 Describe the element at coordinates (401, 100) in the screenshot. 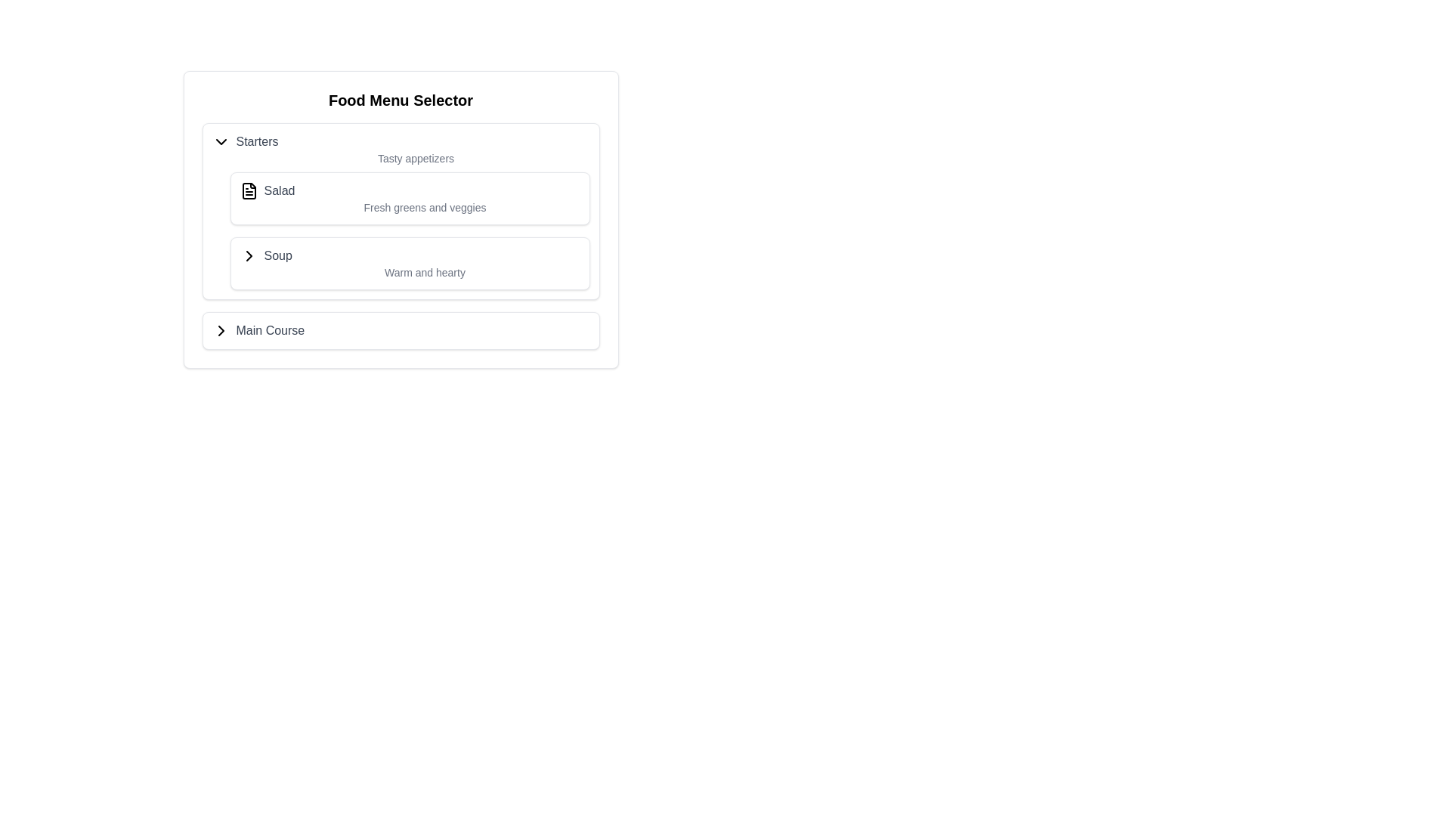

I see `the 'Food Menu Selector' heading` at that location.